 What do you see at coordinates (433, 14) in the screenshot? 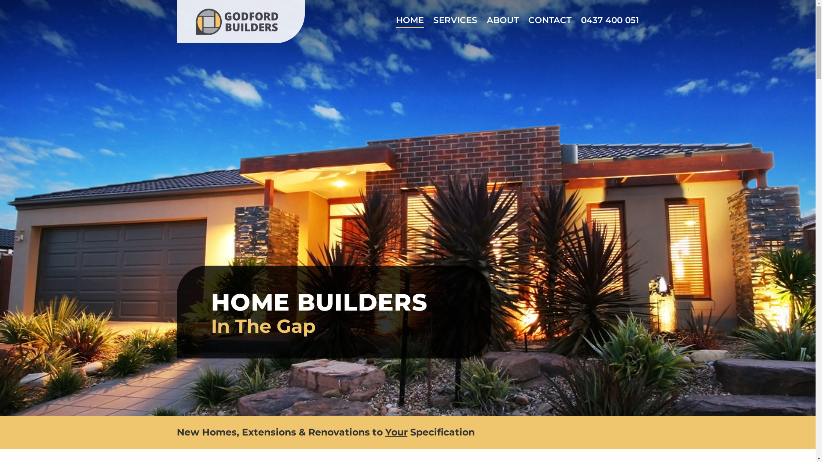
I see `'SERVICES'` at bounding box center [433, 14].